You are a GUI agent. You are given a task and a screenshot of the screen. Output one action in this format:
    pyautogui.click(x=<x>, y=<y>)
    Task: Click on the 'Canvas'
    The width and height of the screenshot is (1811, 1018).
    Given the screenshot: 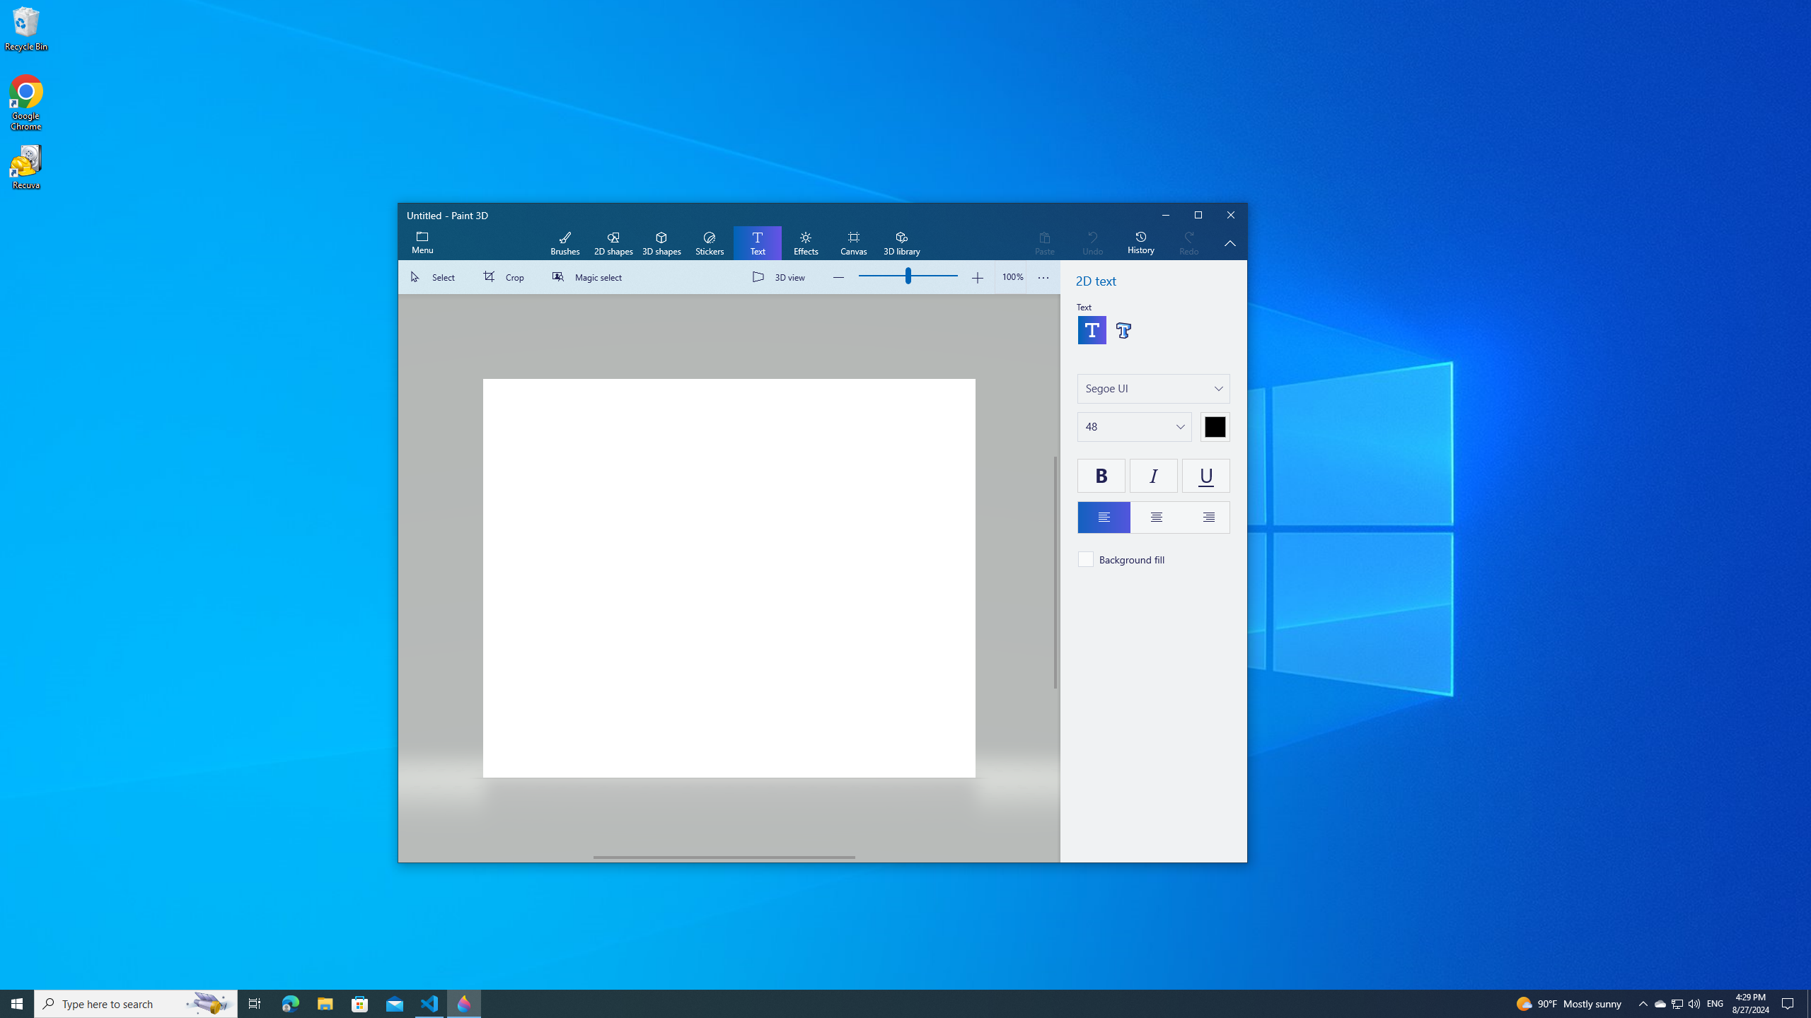 What is the action you would take?
    pyautogui.click(x=853, y=243)
    